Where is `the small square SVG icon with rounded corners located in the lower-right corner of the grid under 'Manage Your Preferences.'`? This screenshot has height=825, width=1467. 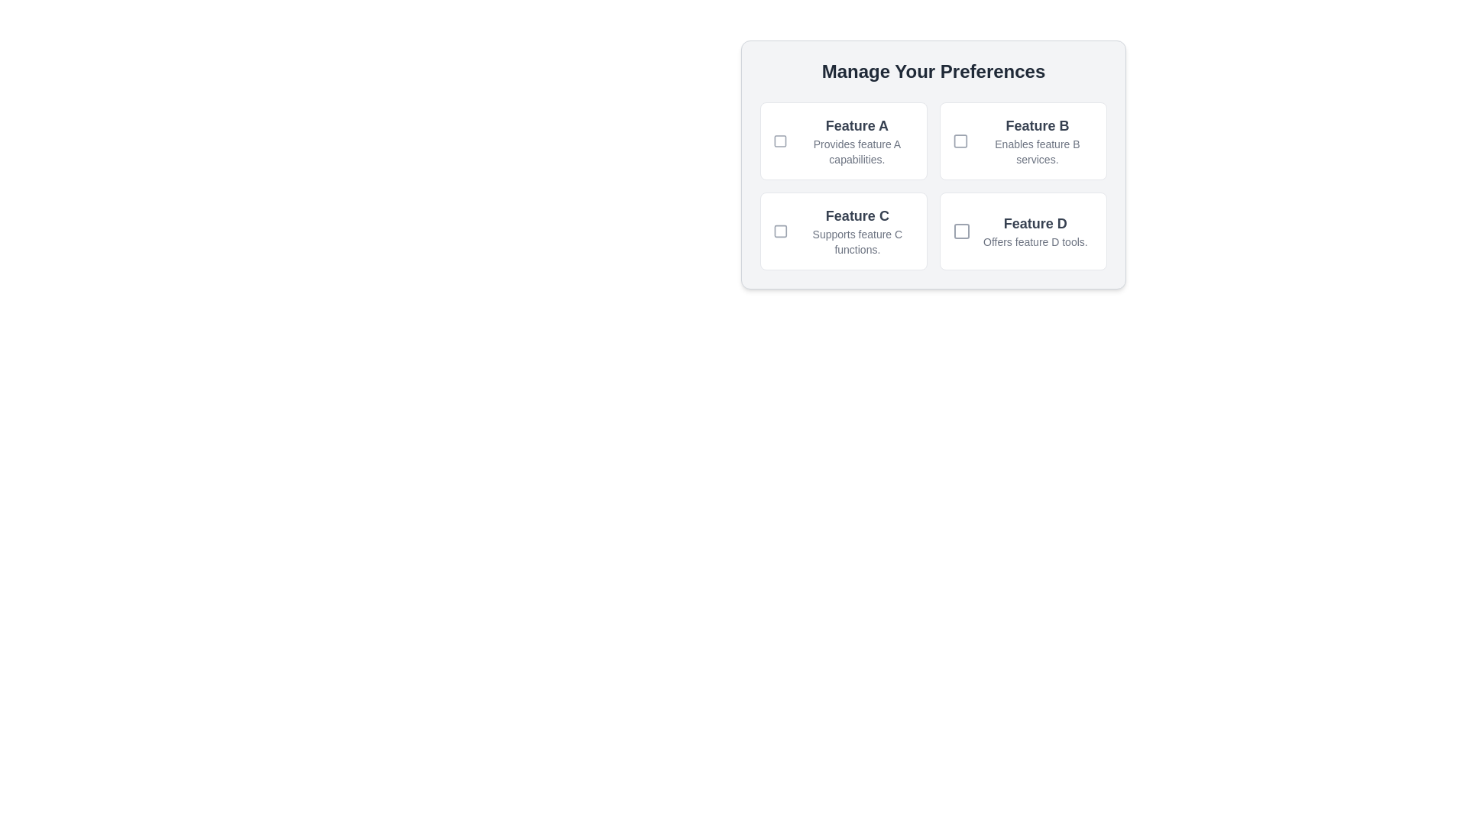
the small square SVG icon with rounded corners located in the lower-right corner of the grid under 'Manage Your Preferences.' is located at coordinates (960, 231).